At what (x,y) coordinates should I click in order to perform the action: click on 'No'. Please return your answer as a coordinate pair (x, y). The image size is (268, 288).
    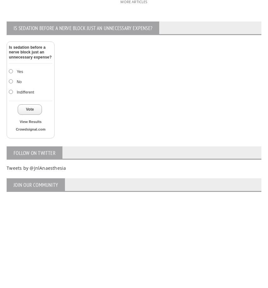
    Looking at the image, I should click on (19, 81).